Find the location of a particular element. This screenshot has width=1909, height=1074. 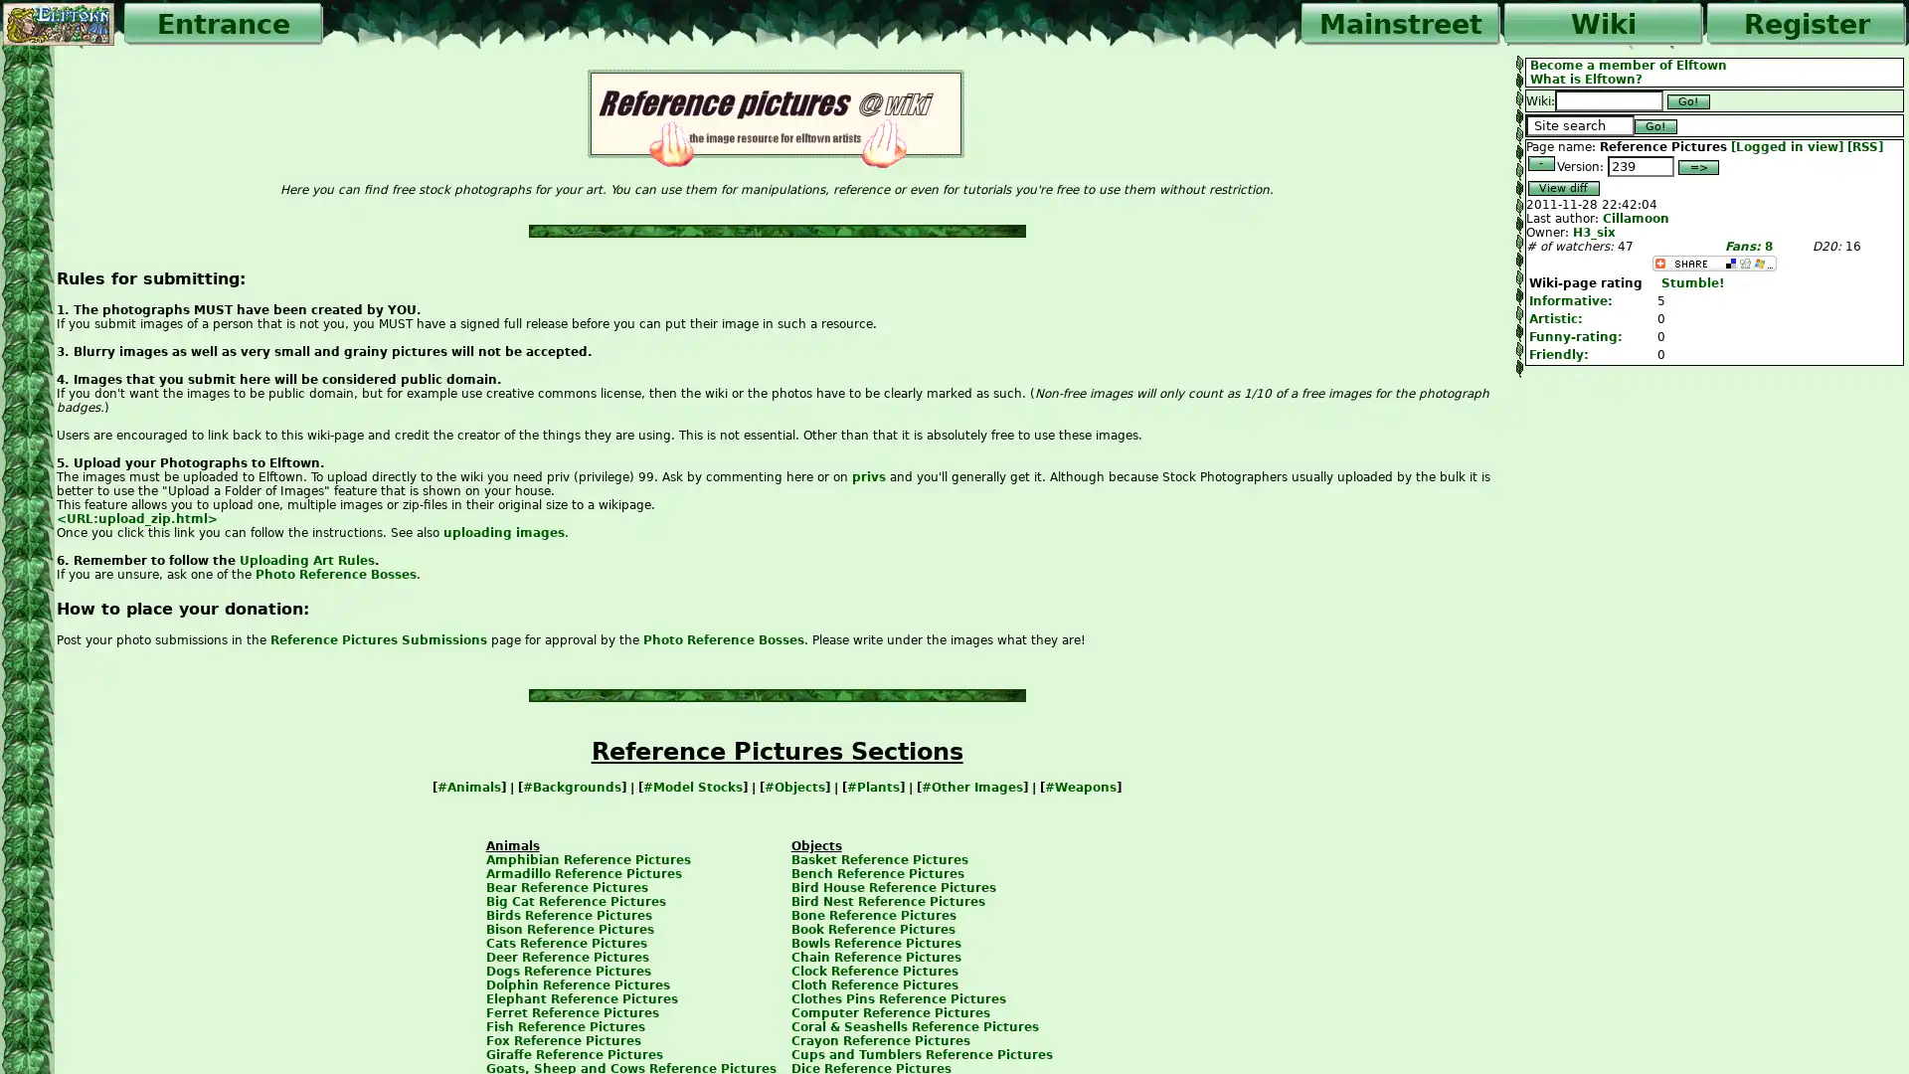

Go! is located at coordinates (1655, 126).